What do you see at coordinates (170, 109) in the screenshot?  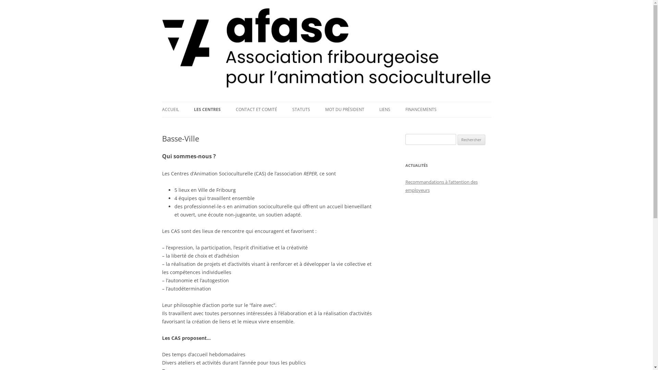 I see `'ACCUEIL'` at bounding box center [170, 109].